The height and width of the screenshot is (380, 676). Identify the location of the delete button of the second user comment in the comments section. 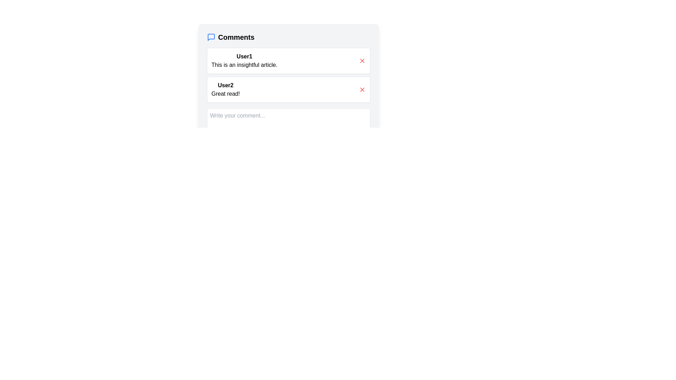
(288, 97).